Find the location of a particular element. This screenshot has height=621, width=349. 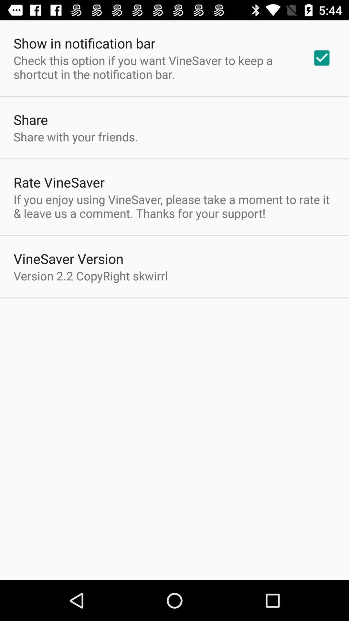

the share with your item is located at coordinates (75, 136).